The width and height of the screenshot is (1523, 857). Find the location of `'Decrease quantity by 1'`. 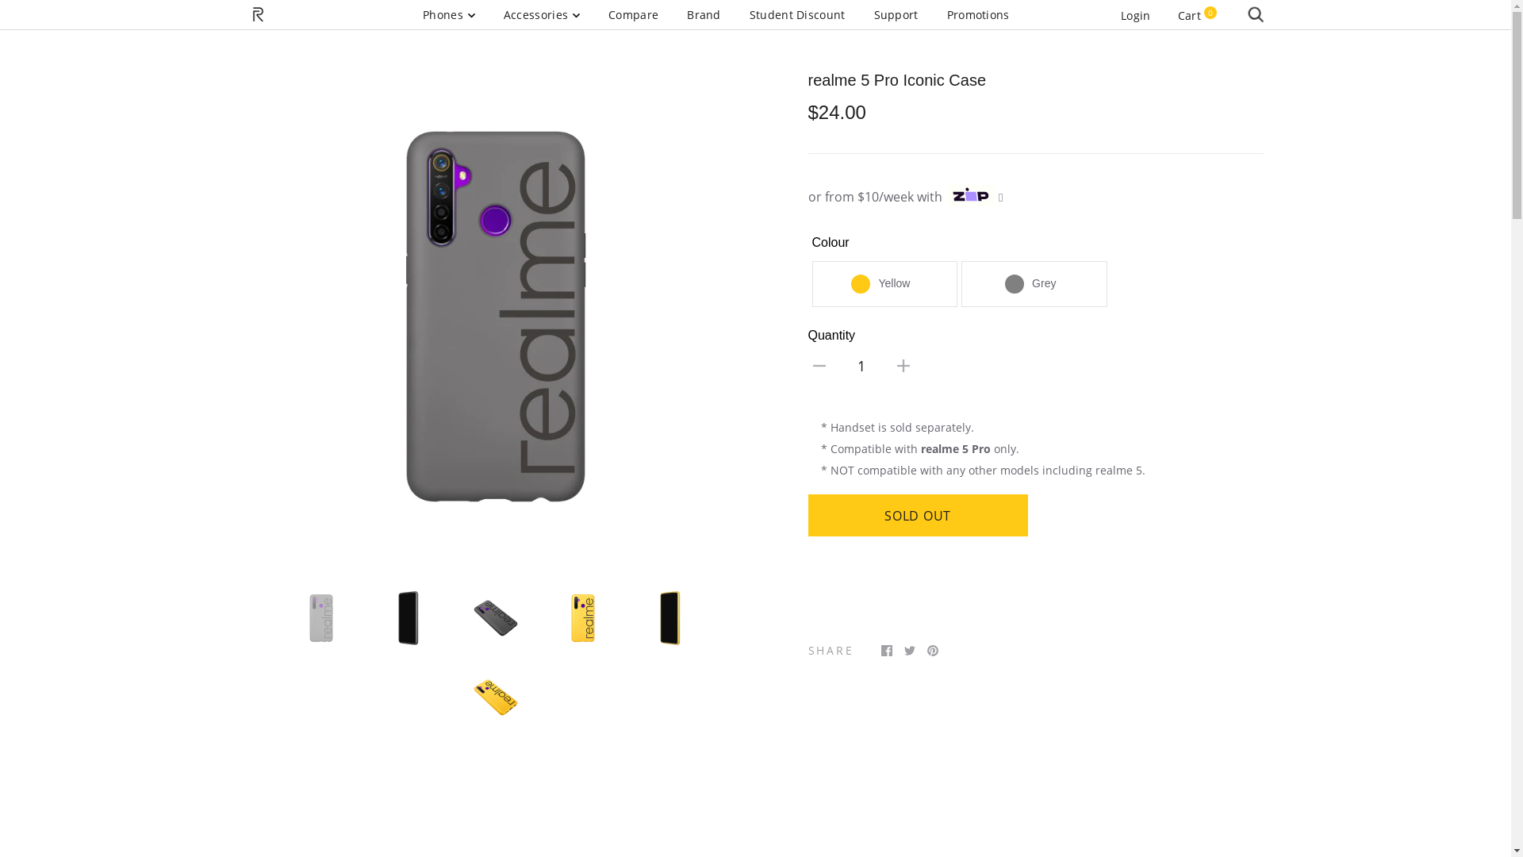

'Decrease quantity by 1' is located at coordinates (819, 364).